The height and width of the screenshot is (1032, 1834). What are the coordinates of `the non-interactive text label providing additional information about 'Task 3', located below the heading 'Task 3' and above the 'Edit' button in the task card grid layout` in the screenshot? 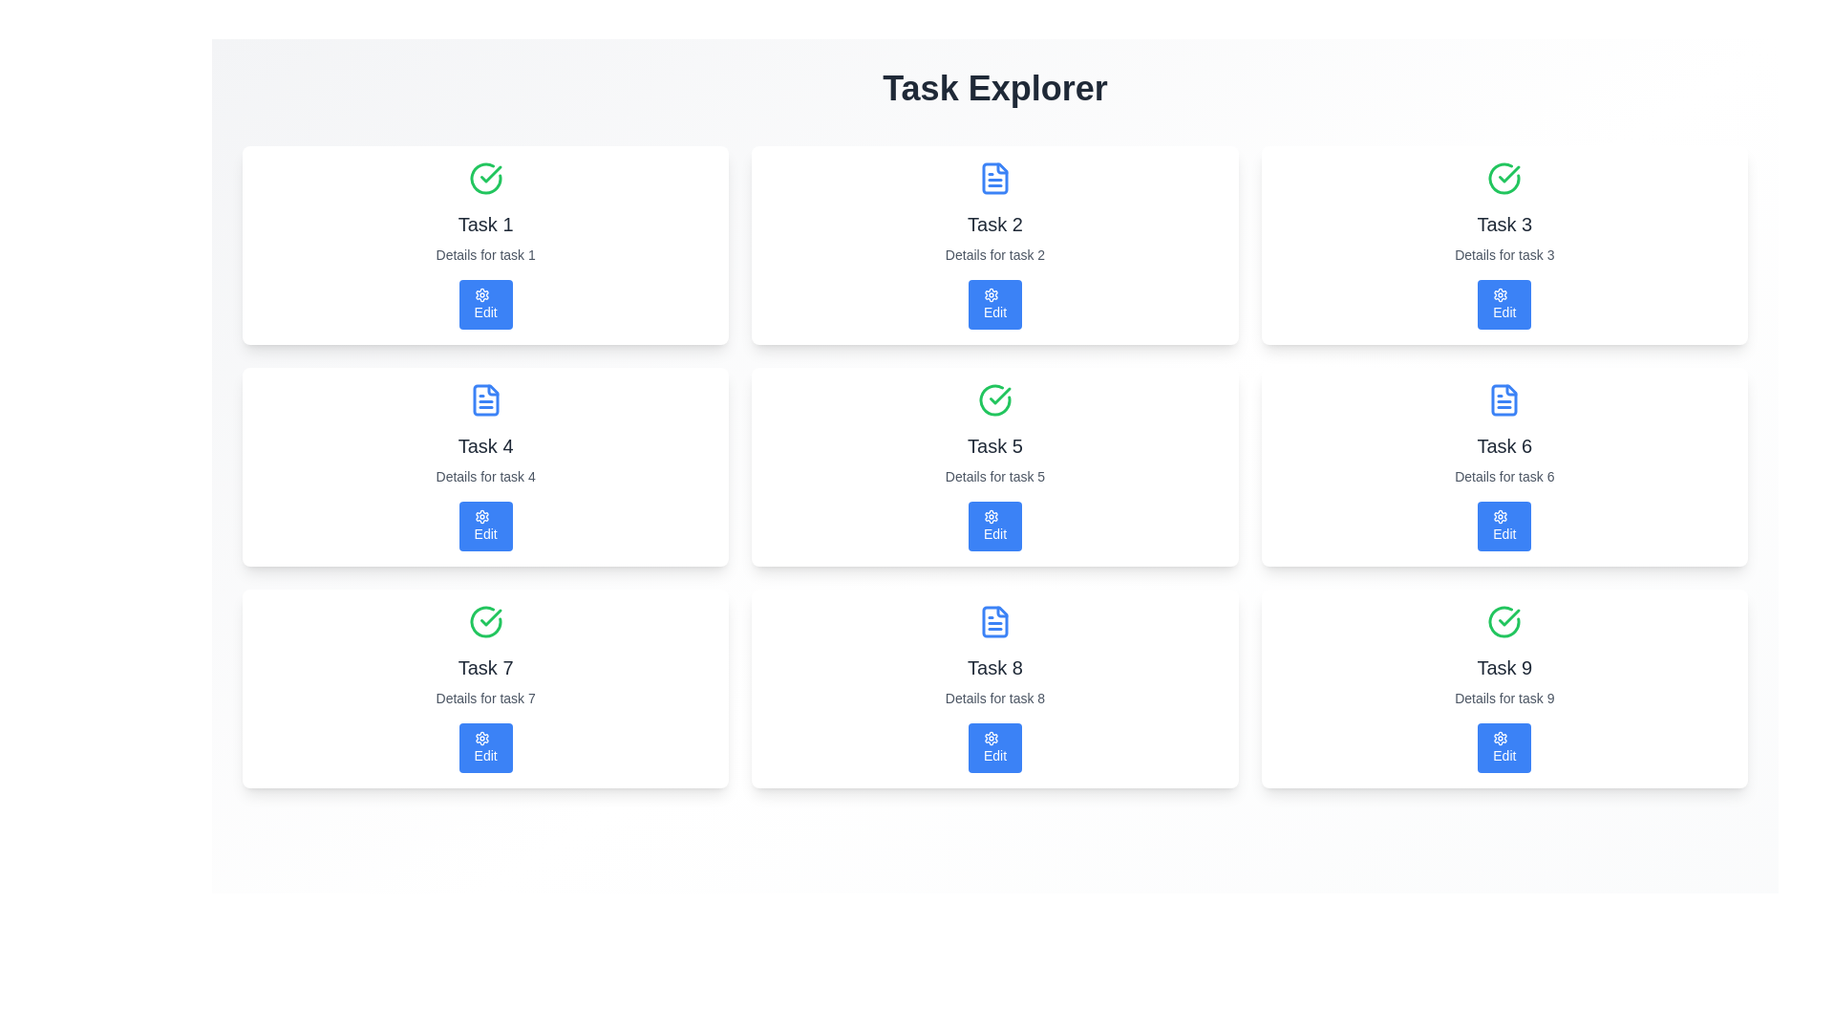 It's located at (1503, 253).